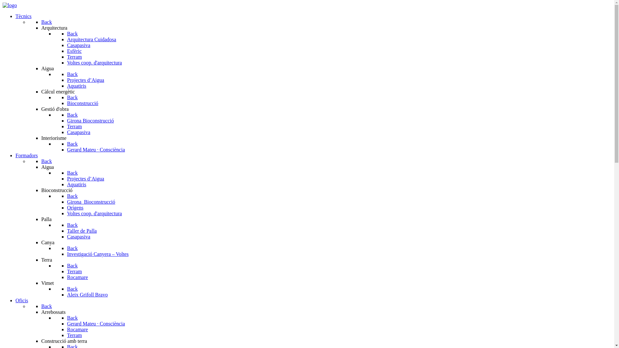 The height and width of the screenshot is (348, 619). What do you see at coordinates (91, 39) in the screenshot?
I see `'Arquitectura Cuidadosa'` at bounding box center [91, 39].